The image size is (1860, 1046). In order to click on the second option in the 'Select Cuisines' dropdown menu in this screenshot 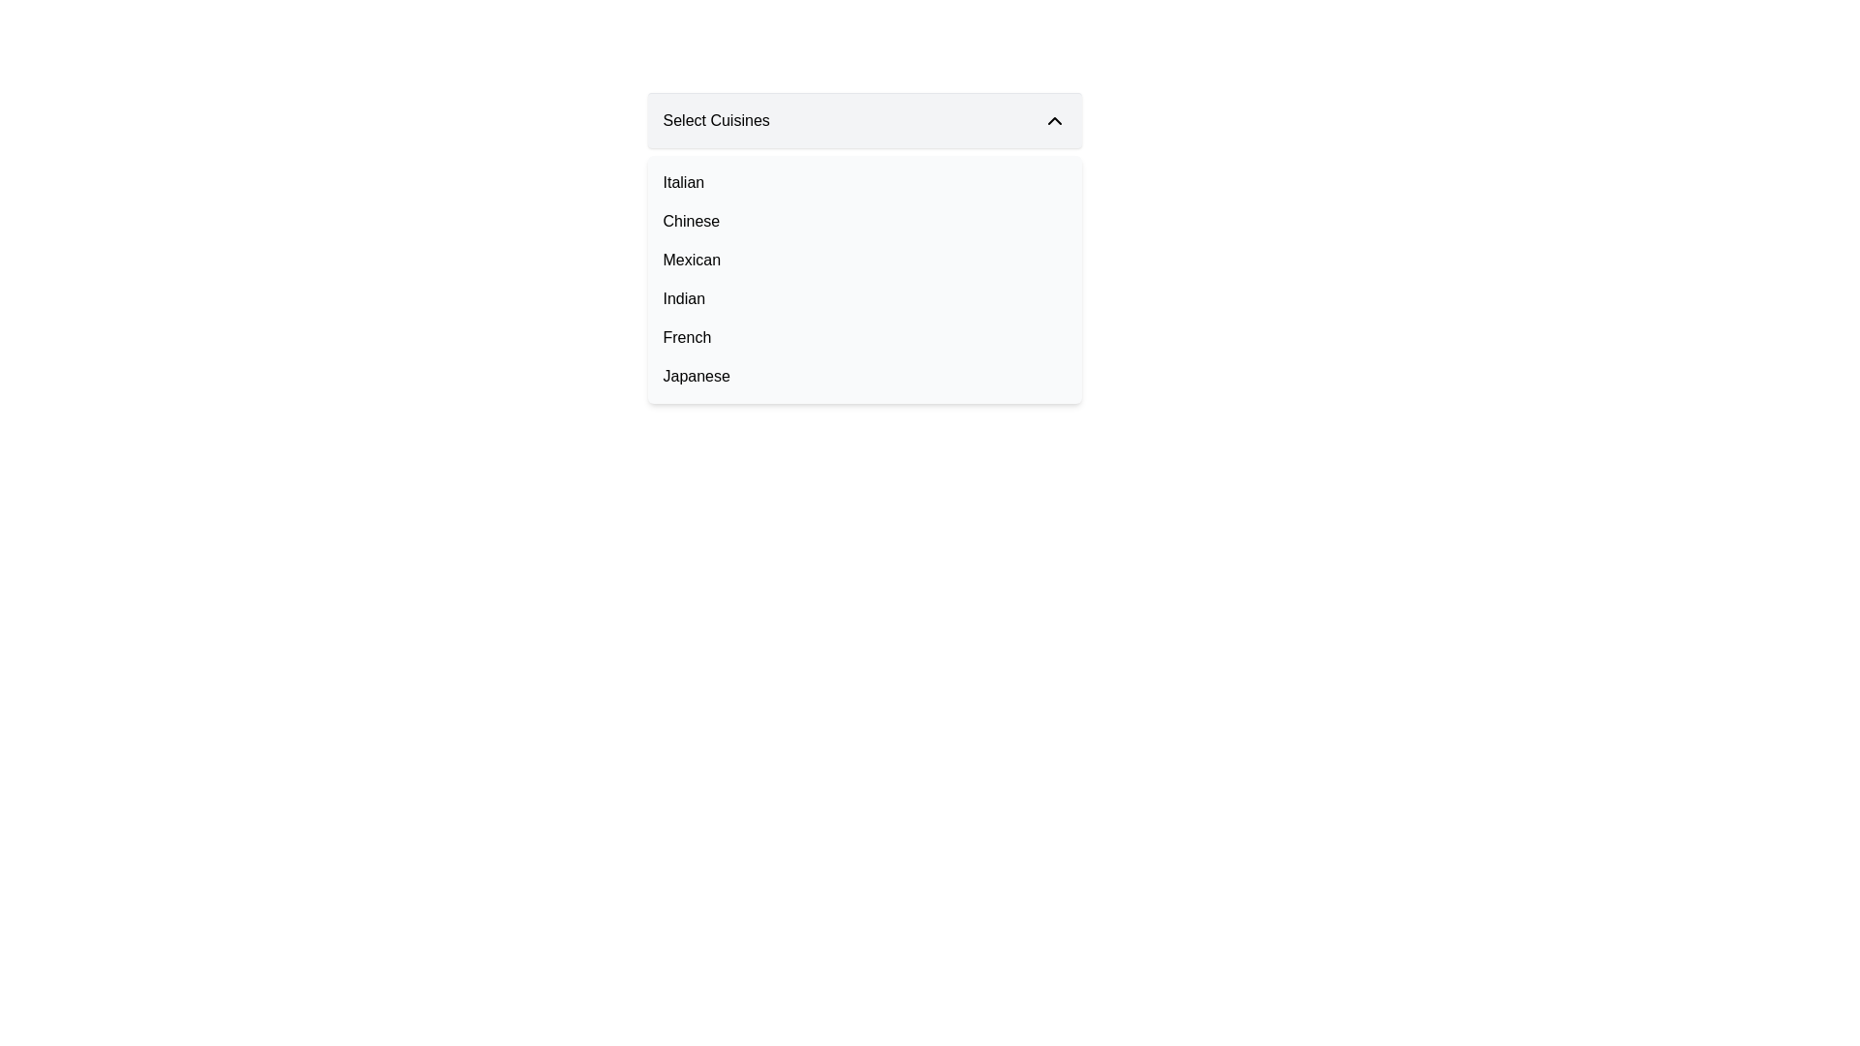, I will do `click(863, 220)`.